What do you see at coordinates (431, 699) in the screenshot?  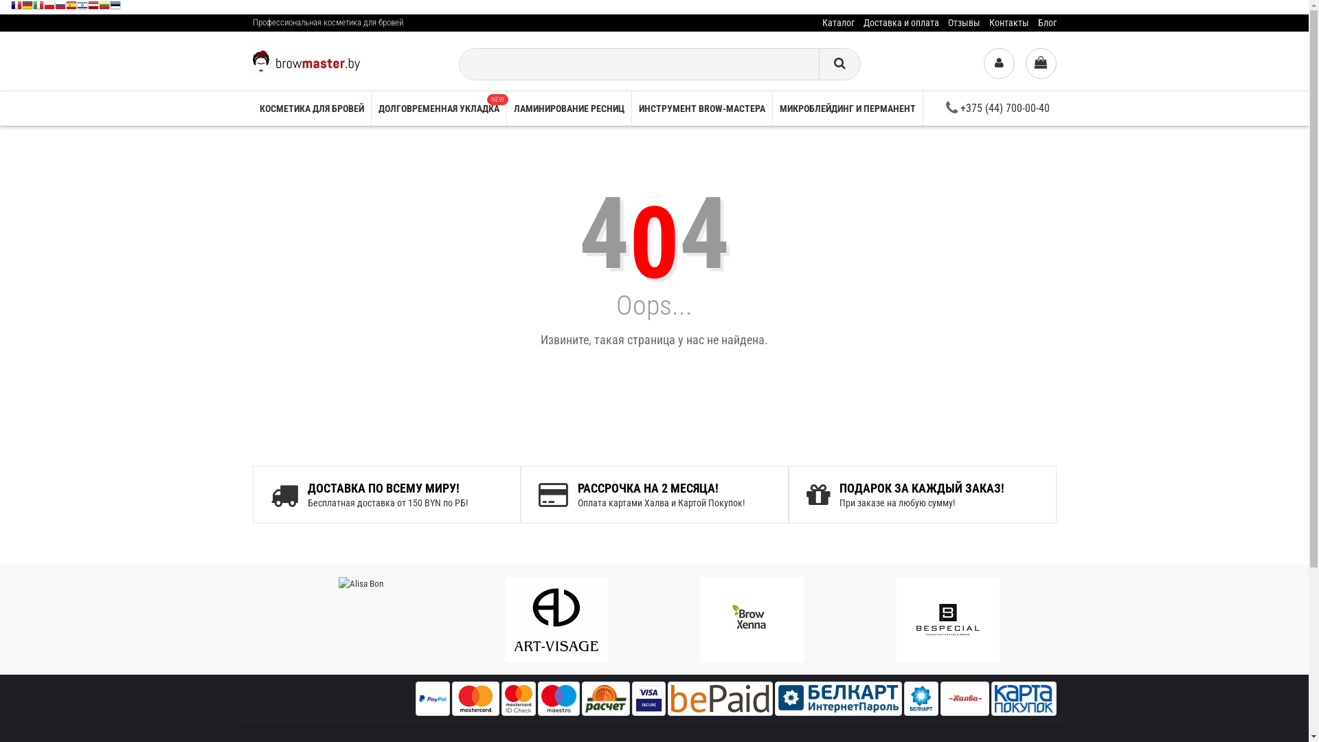 I see `'PayPal'` at bounding box center [431, 699].